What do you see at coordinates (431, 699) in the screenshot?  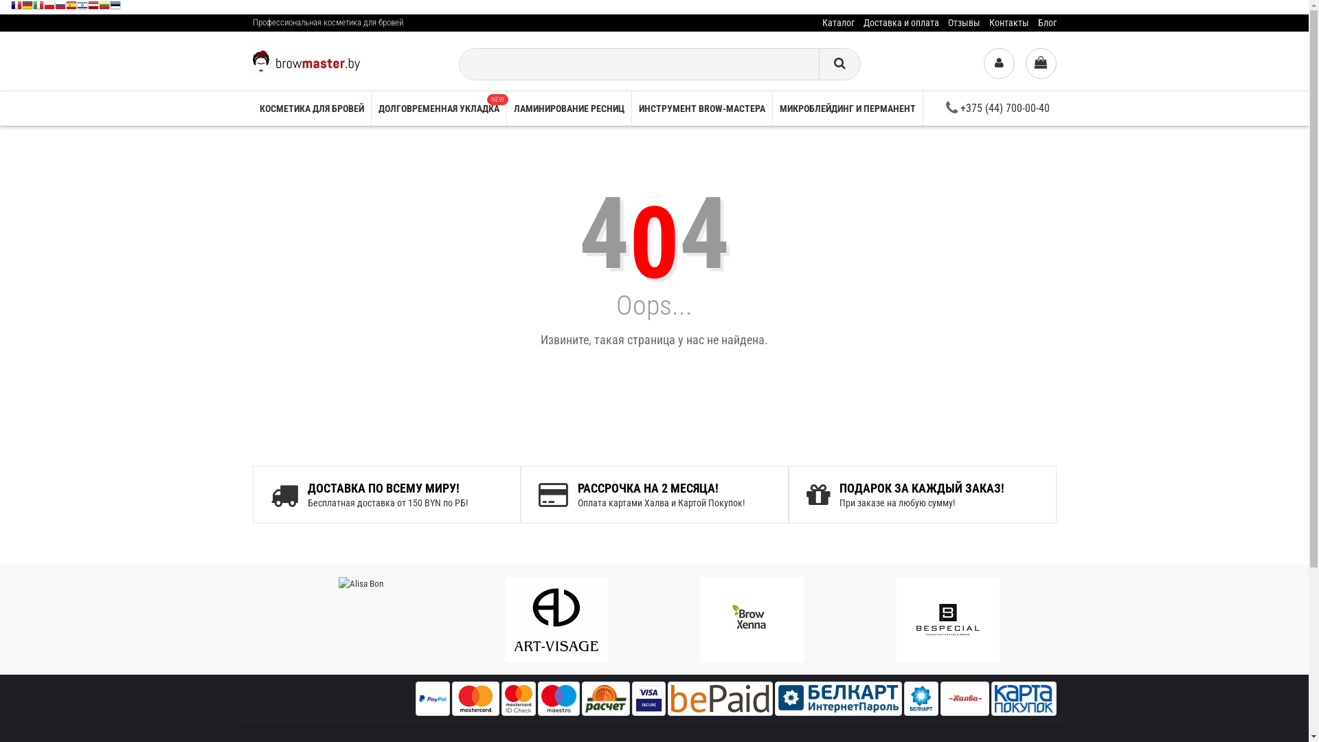 I see `'PayPal'` at bounding box center [431, 699].